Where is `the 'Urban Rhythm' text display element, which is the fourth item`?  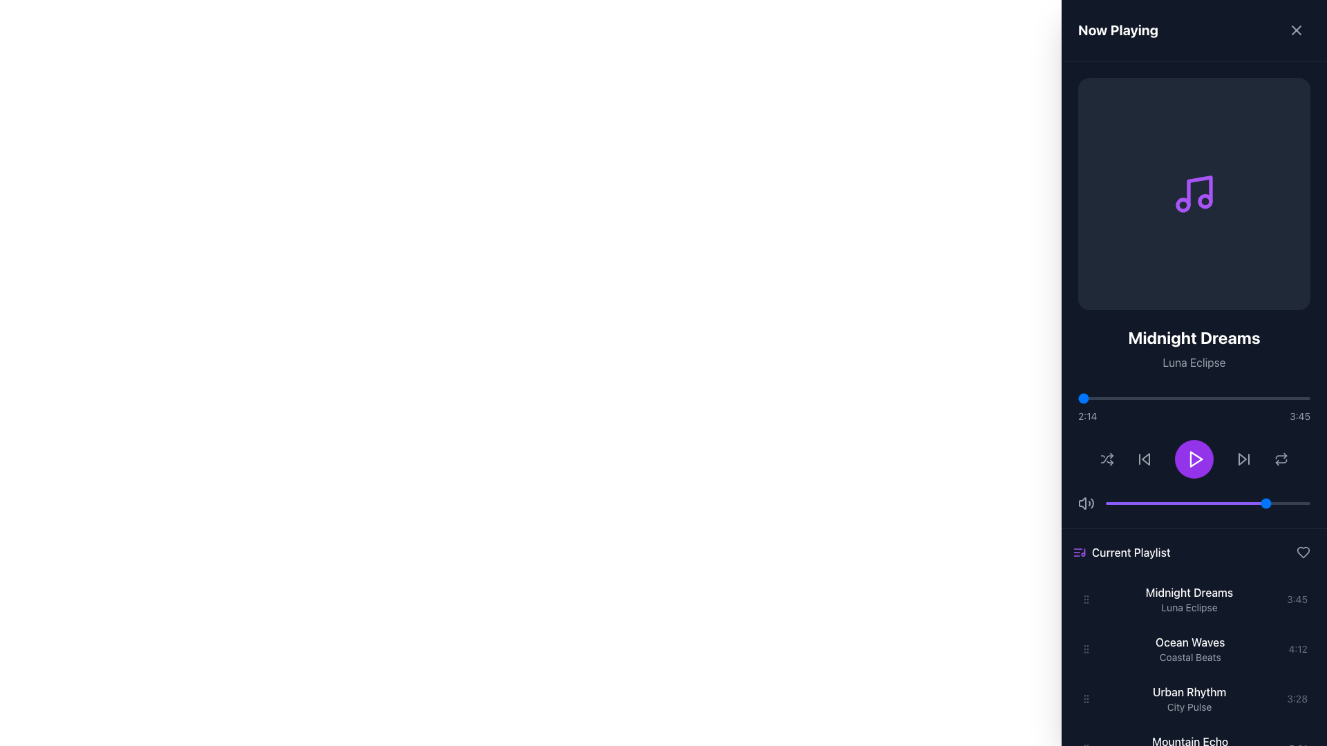
the 'Urban Rhythm' text display element, which is the fourth item is located at coordinates (1189, 698).